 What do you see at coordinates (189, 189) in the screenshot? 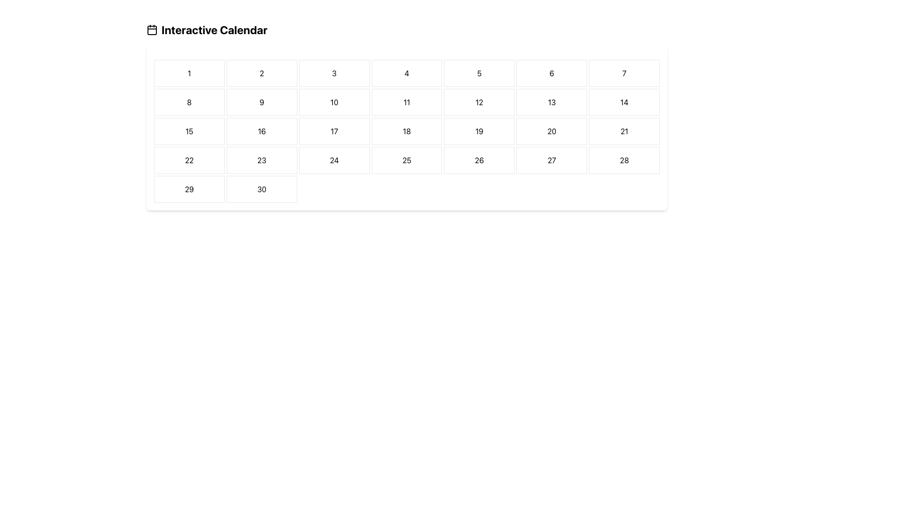
I see `the text box representing the number '29' located in the first column of the last row in a 7-column grid` at bounding box center [189, 189].